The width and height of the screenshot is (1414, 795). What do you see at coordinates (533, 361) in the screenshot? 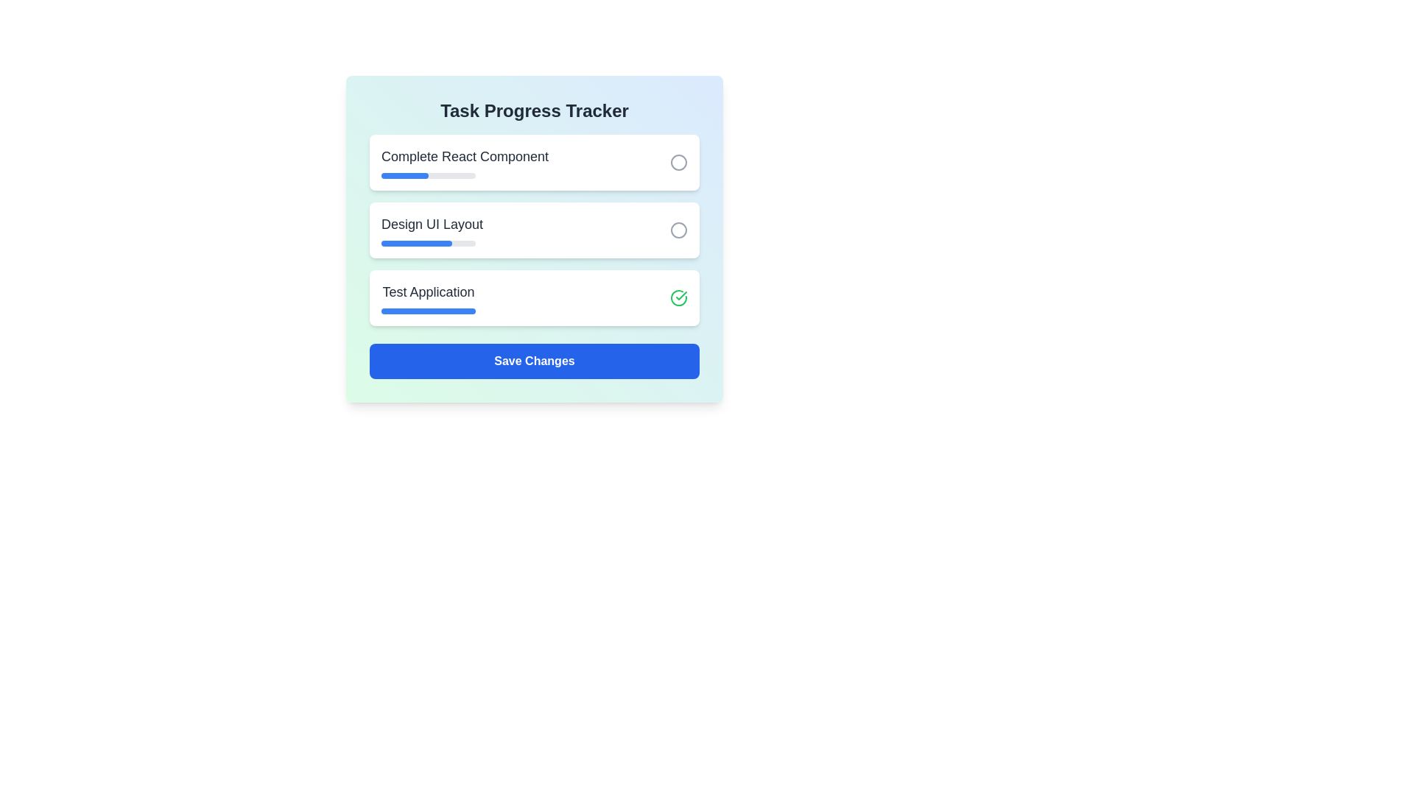
I see `the 'Save Changes' button` at bounding box center [533, 361].